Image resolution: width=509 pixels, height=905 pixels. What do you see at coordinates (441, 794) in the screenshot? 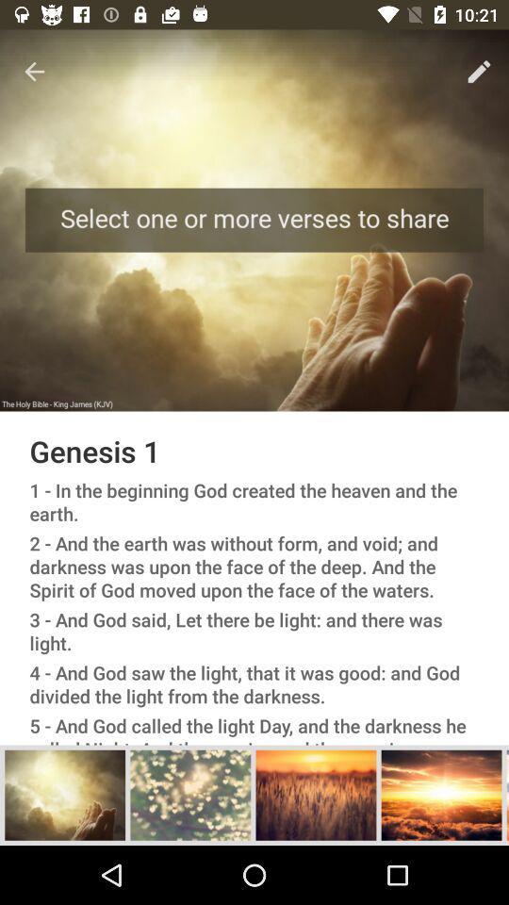
I see `to share this picture` at bounding box center [441, 794].